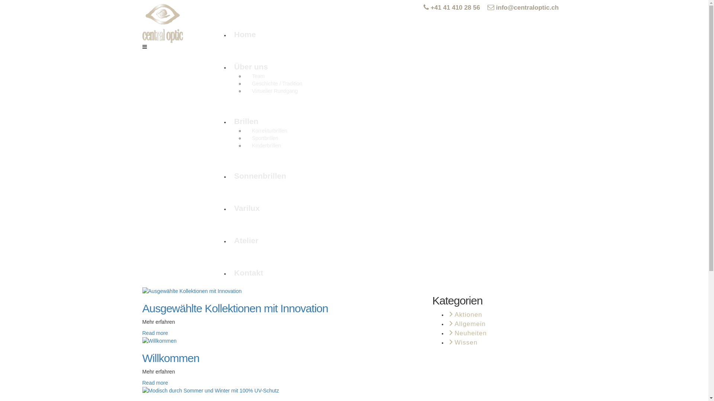 This screenshot has width=714, height=401. I want to click on 'Modisch durch Sommer und Winter mit 100% UV-Schutz', so click(210, 390).